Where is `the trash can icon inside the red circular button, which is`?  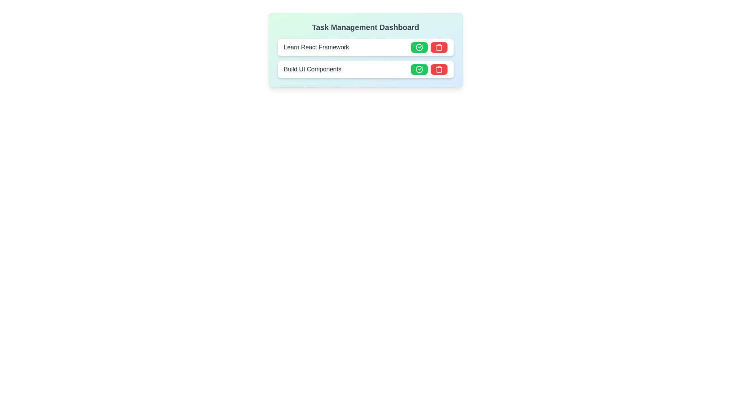 the trash can icon inside the red circular button, which is is located at coordinates (439, 47).